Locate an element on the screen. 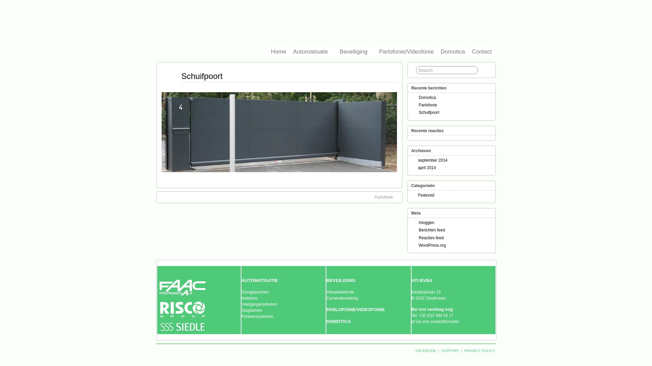 The image size is (652, 366). 'Featured' is located at coordinates (425, 195).